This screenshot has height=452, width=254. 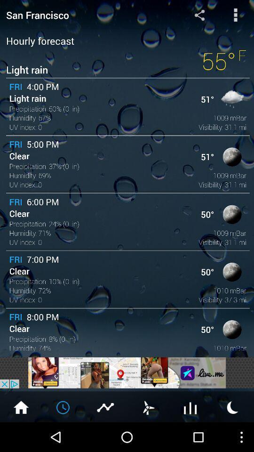 I want to click on share forecast, so click(x=199, y=14).